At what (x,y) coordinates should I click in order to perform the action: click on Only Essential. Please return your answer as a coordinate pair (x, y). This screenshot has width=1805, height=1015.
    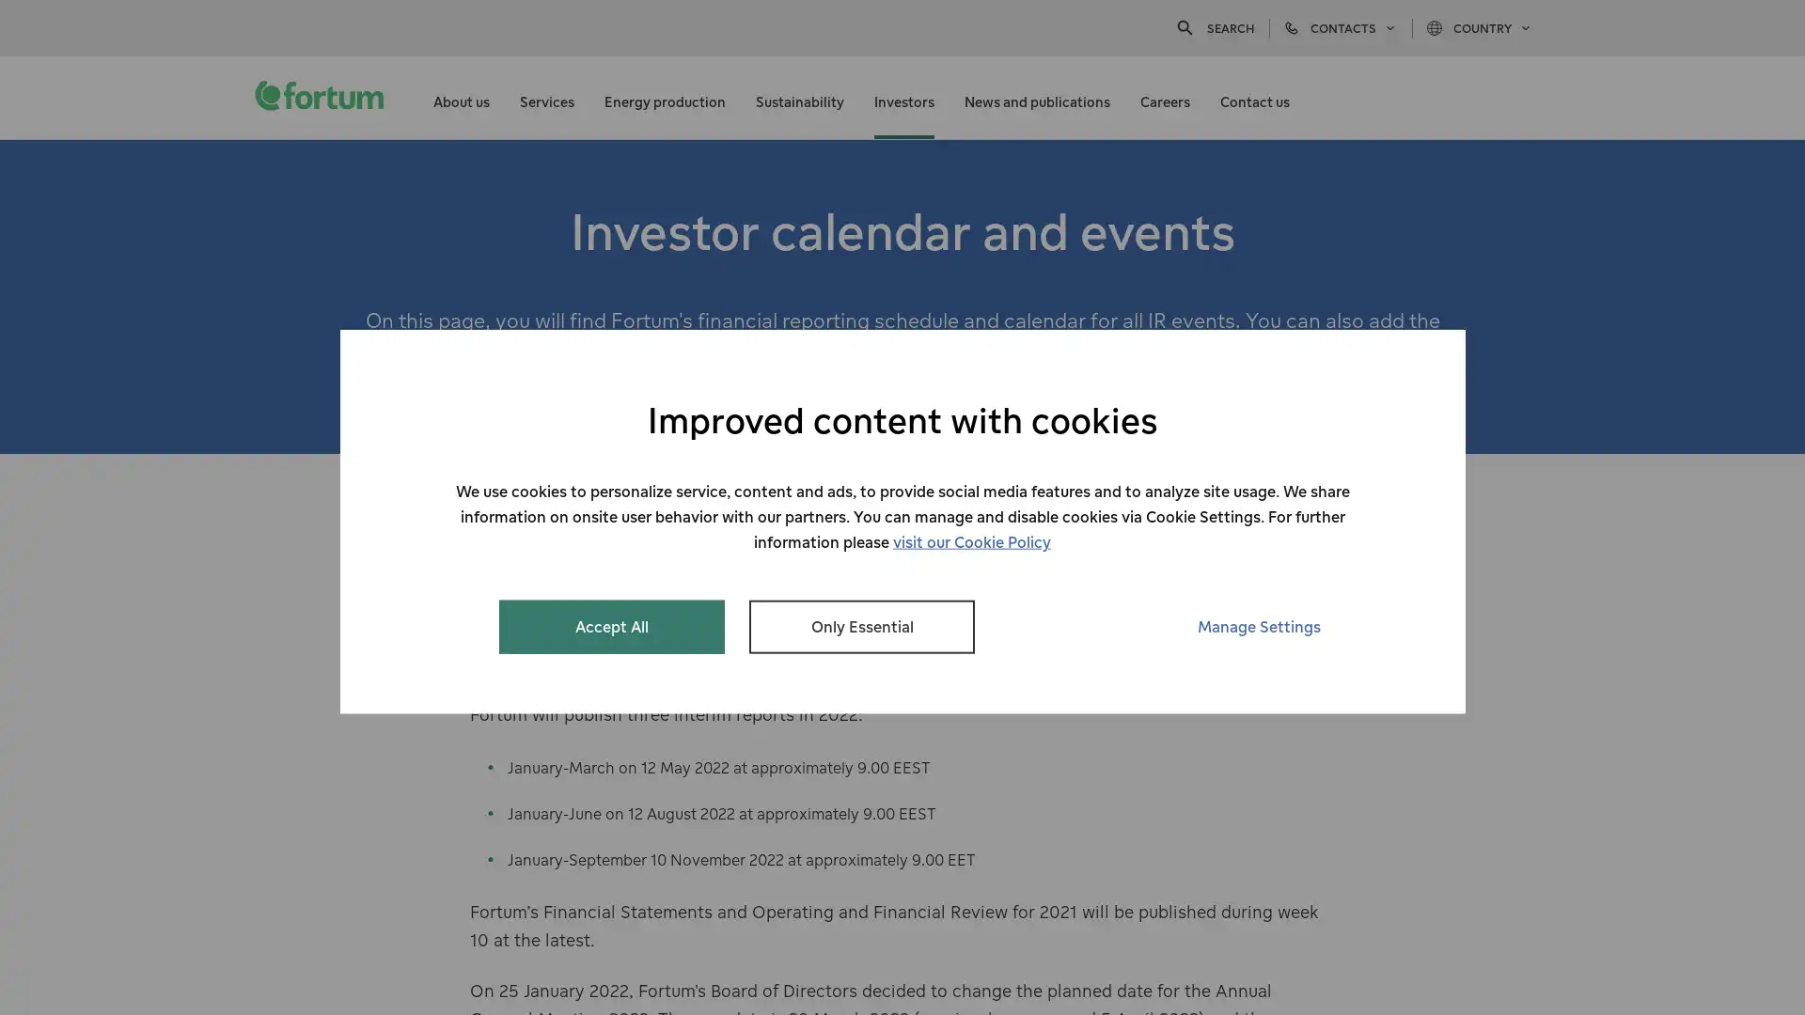
    Looking at the image, I should click on (860, 626).